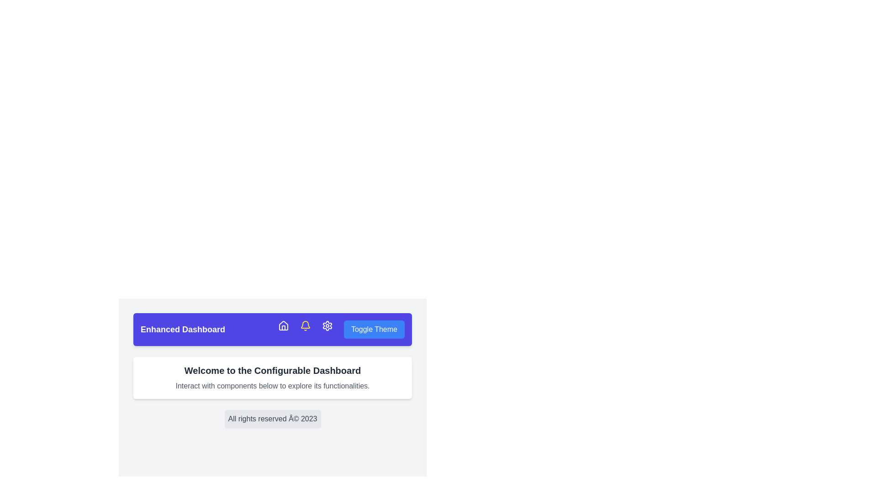  I want to click on the clickable house-shaped icon located in the blue navigation bar, positioned to the left of the bell icon and right of the text 'Enhanced Dashboard', so click(283, 325).